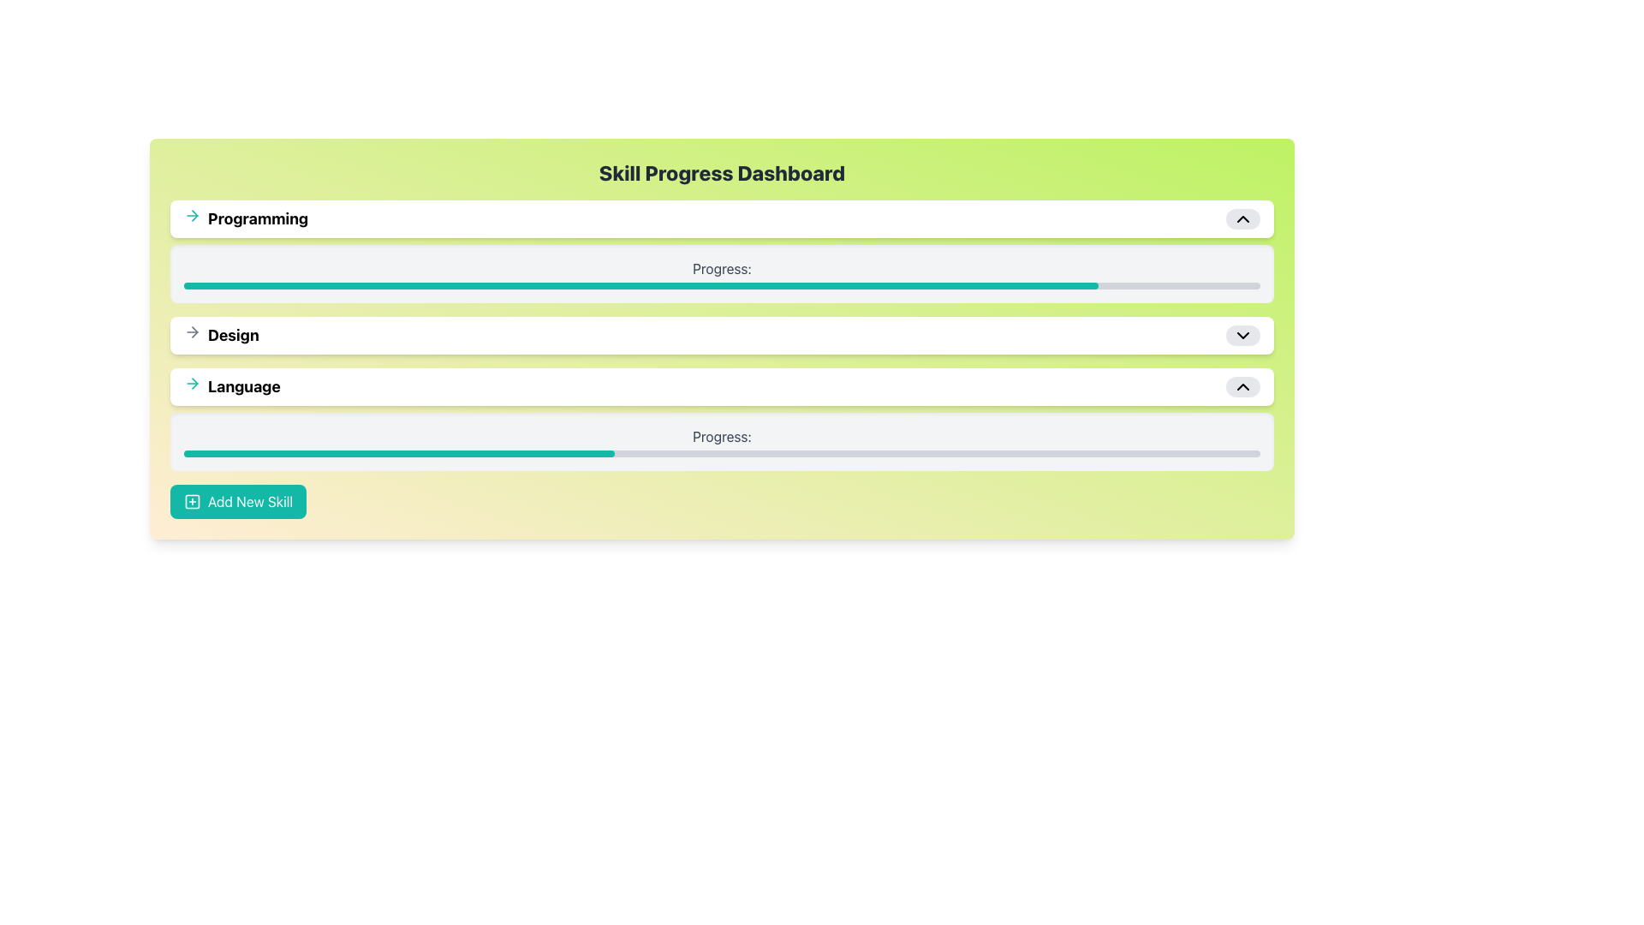  What do you see at coordinates (232, 336) in the screenshot?
I see `the 'Design' skill category label located in the Skill Progress Dashboard, which is the second item in the vertical list of skill categories` at bounding box center [232, 336].